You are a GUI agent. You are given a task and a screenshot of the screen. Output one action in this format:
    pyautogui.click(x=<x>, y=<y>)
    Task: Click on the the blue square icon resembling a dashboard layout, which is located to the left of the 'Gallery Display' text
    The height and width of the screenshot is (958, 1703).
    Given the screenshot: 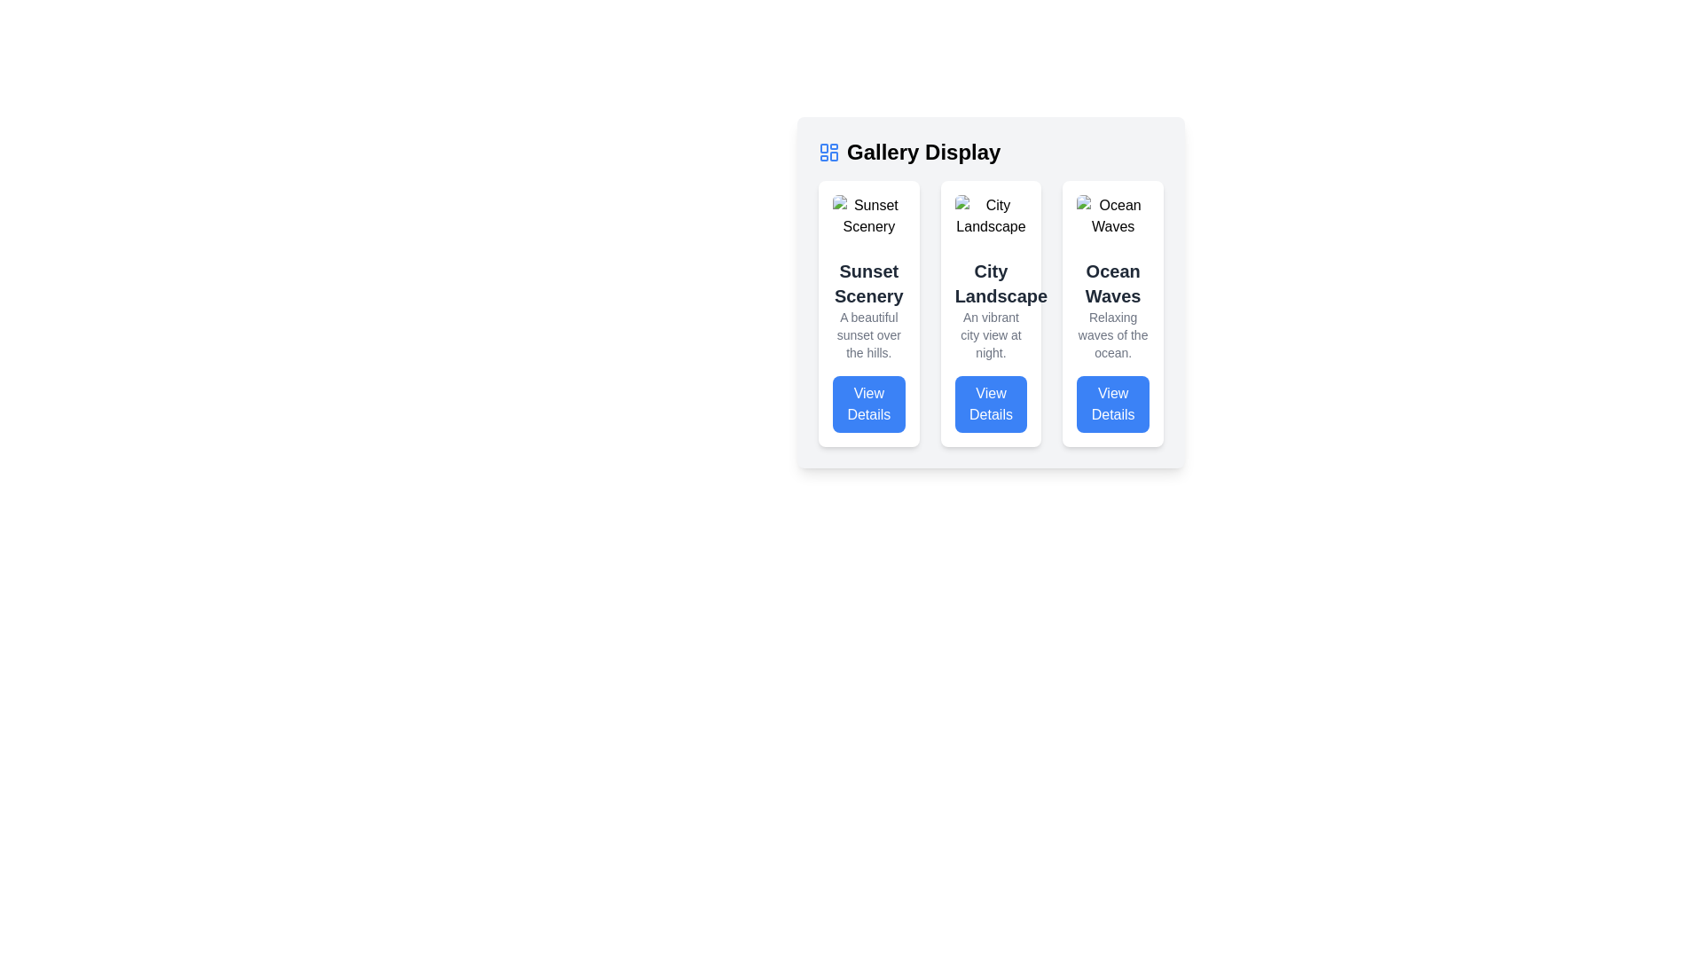 What is the action you would take?
    pyautogui.click(x=828, y=152)
    